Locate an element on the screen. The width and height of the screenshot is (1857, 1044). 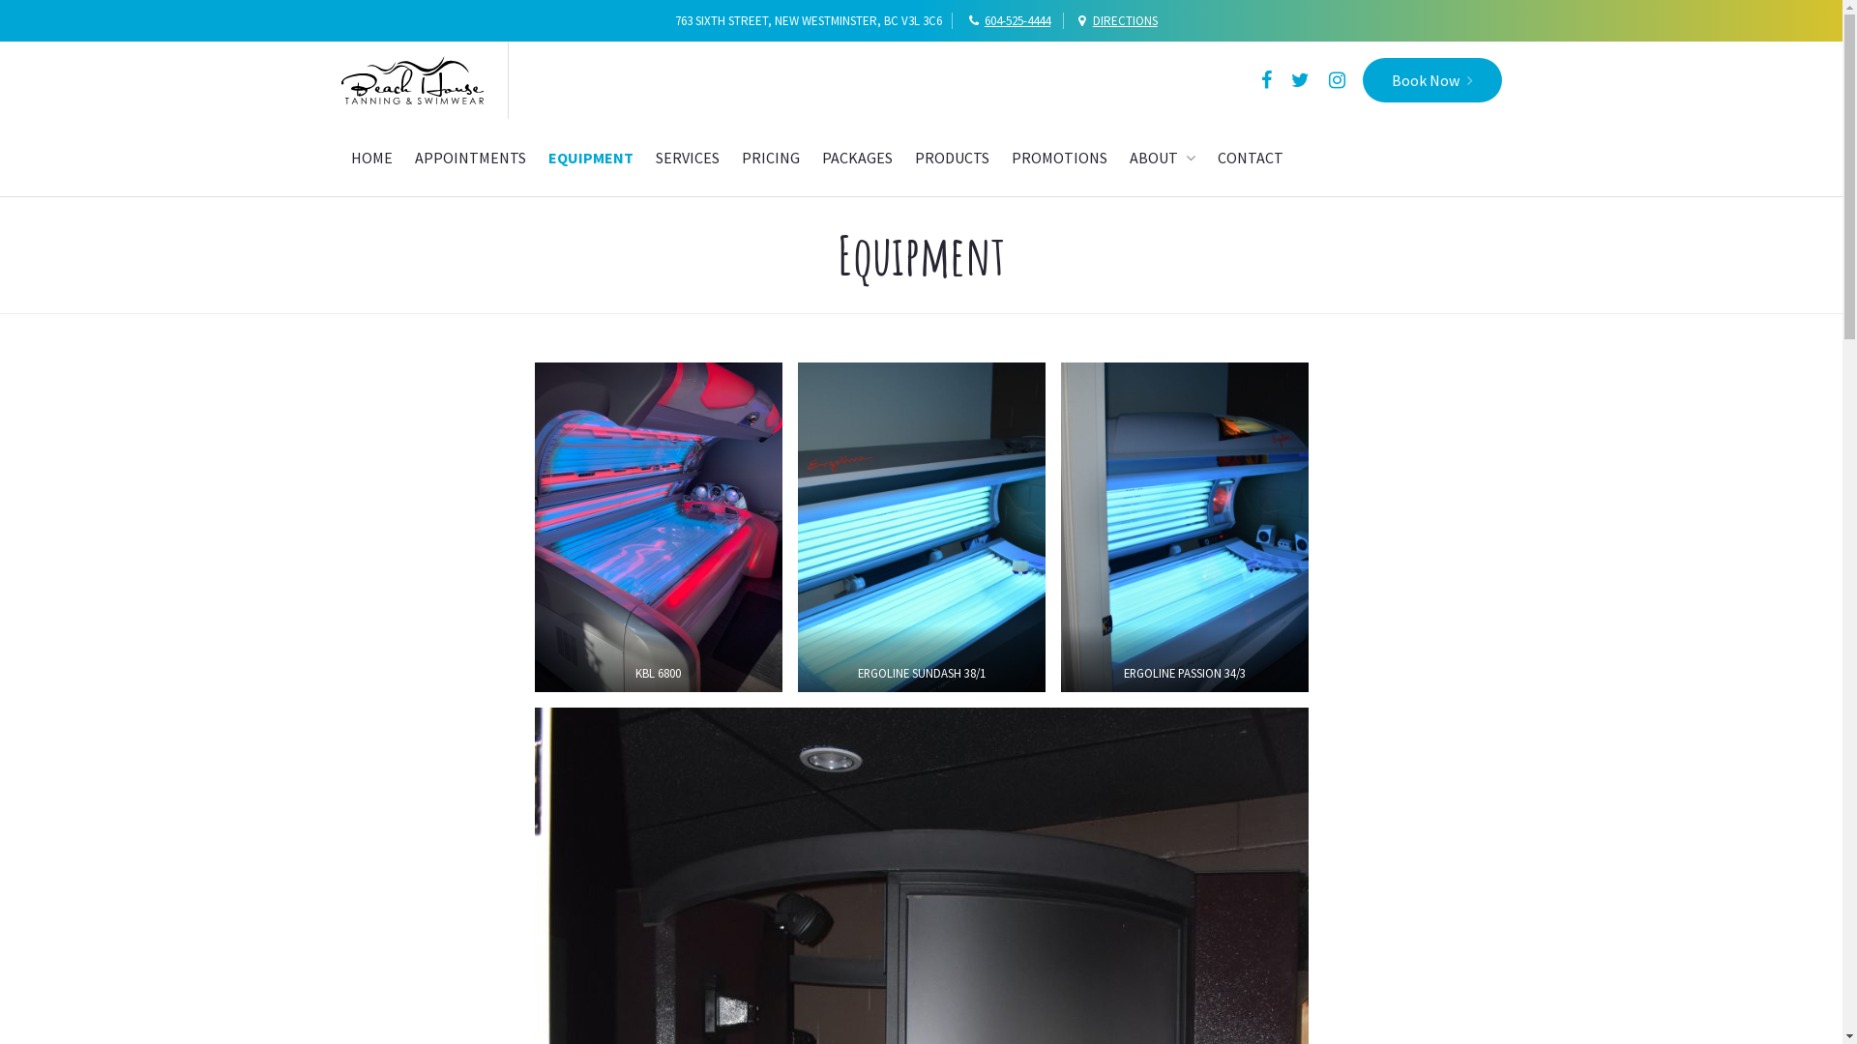
'APPOINTMENTS' is located at coordinates (469, 156).